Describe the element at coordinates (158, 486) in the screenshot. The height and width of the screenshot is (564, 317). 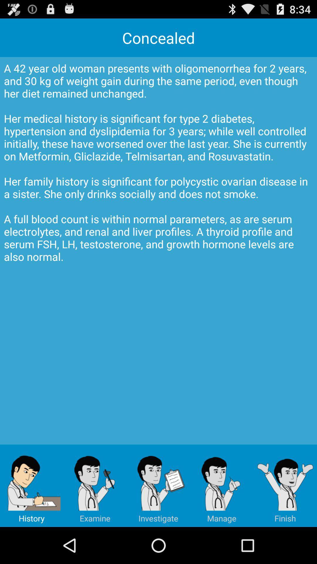
I see `item at the bottom` at that location.